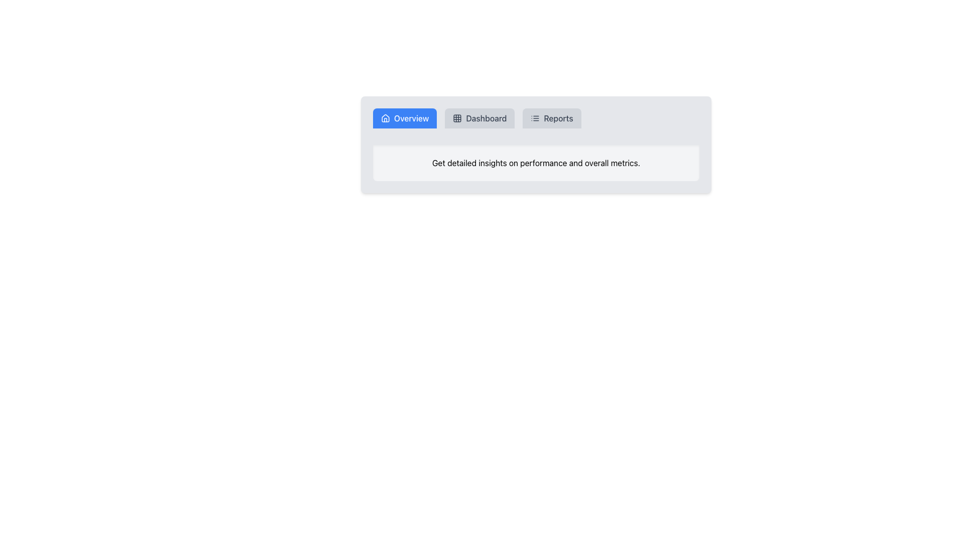 The image size is (964, 542). I want to click on the SVG Icon that represents the 'Overview' button, located at the top-left corner of the menu bar, so click(385, 117).